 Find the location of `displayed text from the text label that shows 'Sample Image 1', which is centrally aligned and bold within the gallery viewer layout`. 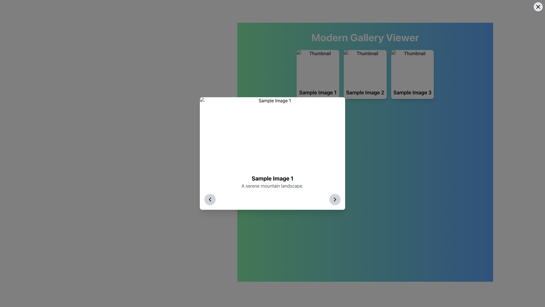

displayed text from the text label that shows 'Sample Image 1', which is centrally aligned and bold within the gallery viewer layout is located at coordinates (317, 92).